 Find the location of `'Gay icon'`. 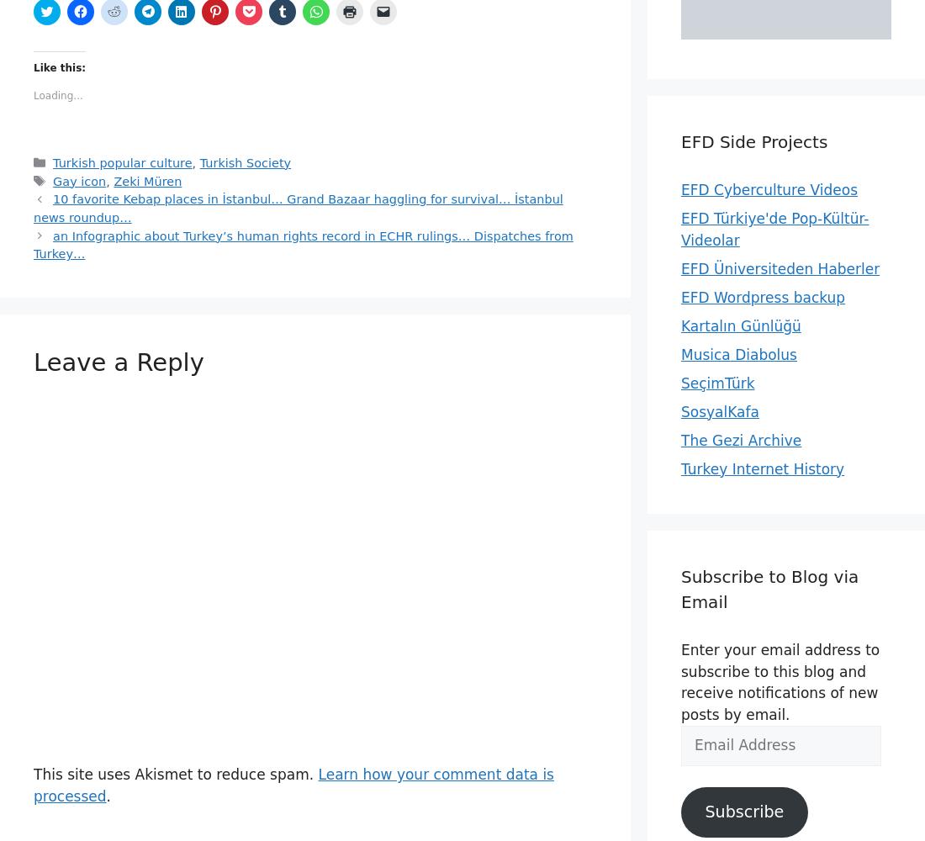

'Gay icon' is located at coordinates (52, 180).